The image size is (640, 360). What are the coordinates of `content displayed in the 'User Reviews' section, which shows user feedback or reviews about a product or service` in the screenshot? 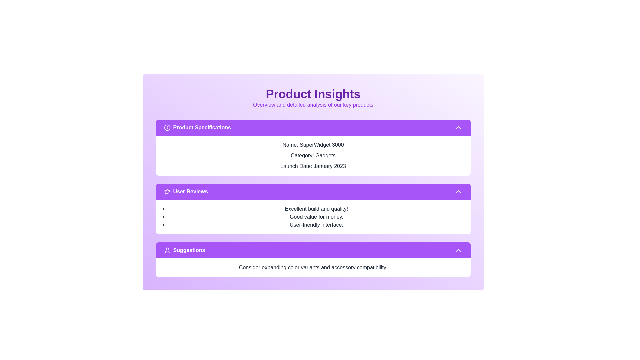 It's located at (313, 217).